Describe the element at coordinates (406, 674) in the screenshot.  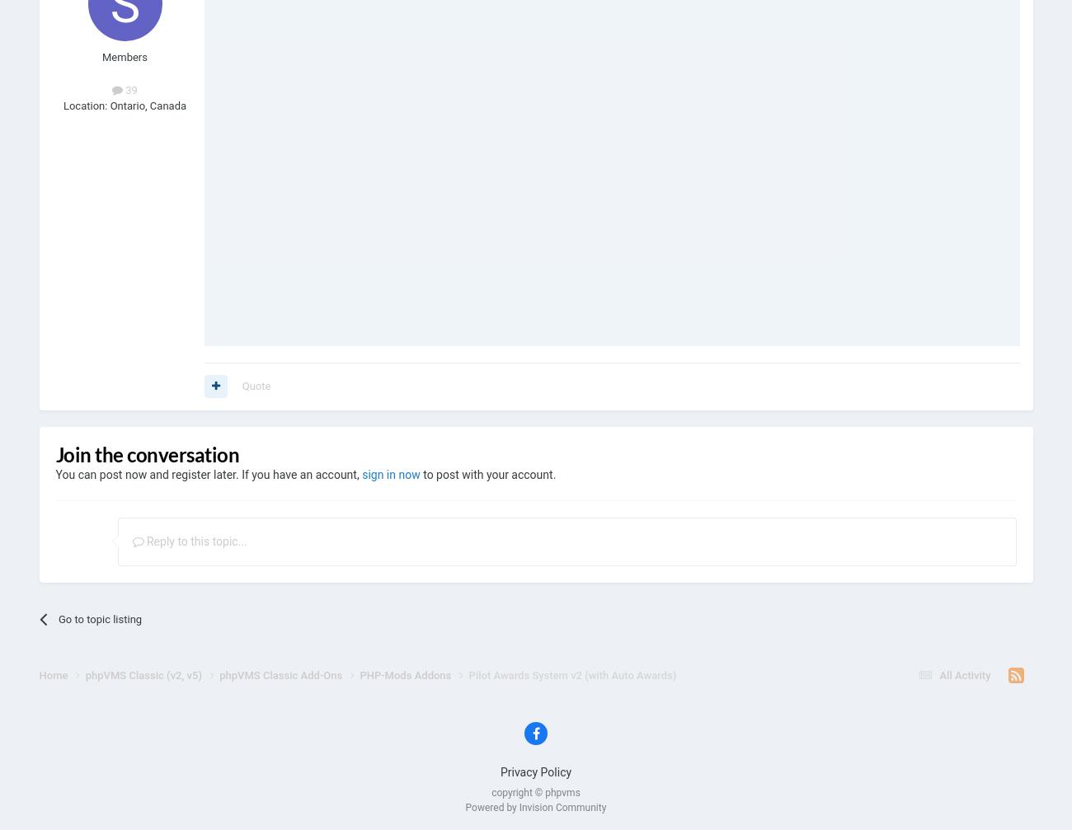
I see `'PHP-Mods Addons'` at that location.